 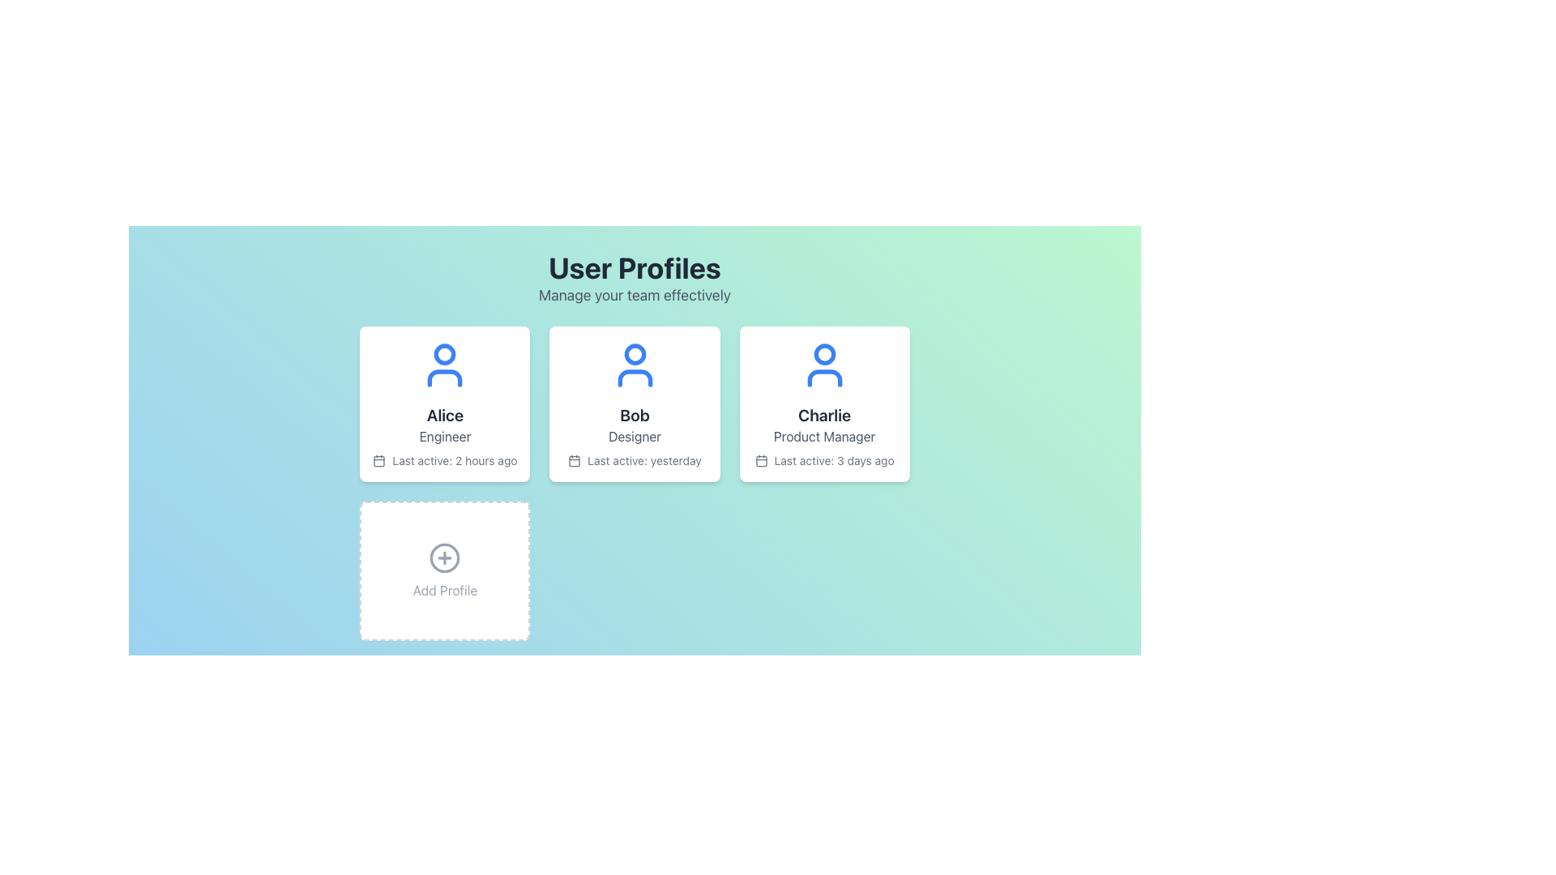 What do you see at coordinates (445, 353) in the screenshot?
I see `the Circle element representing Alice's head in the user profile icon located in the first card from the left` at bounding box center [445, 353].